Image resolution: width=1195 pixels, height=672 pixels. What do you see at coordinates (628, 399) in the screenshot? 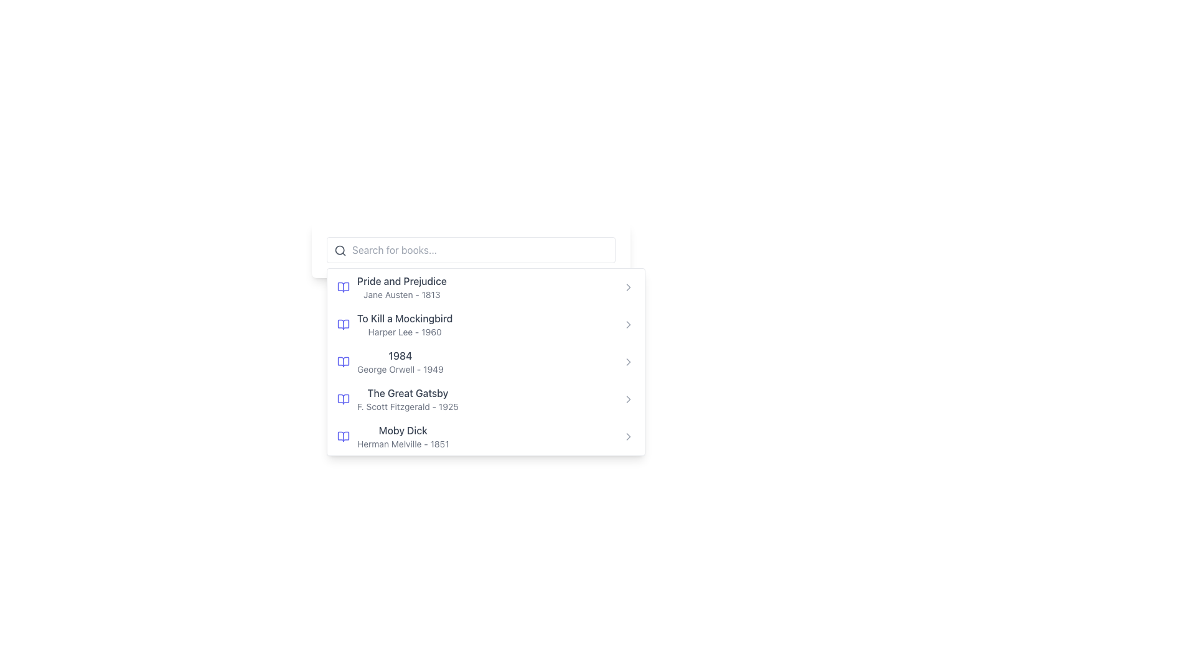
I see `the chevron icon located to the right of the text 'The Great Gatsby' 1925` at bounding box center [628, 399].